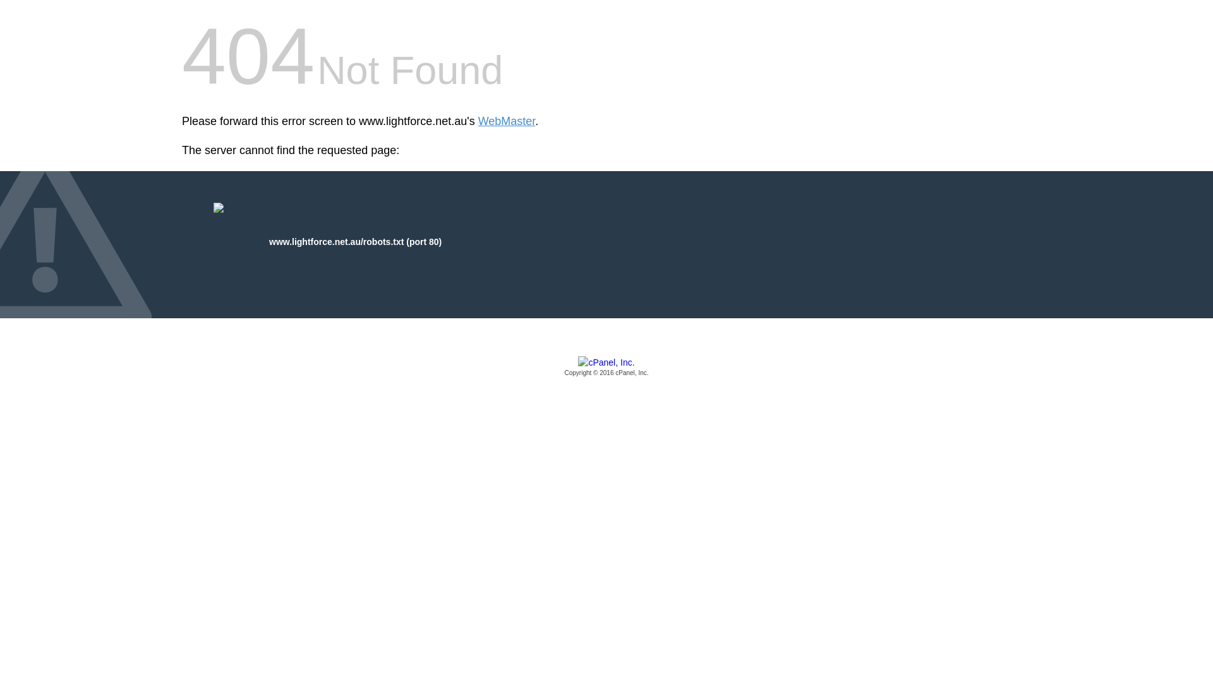  Describe the element at coordinates (507, 121) in the screenshot. I see `'WebMaster'` at that location.